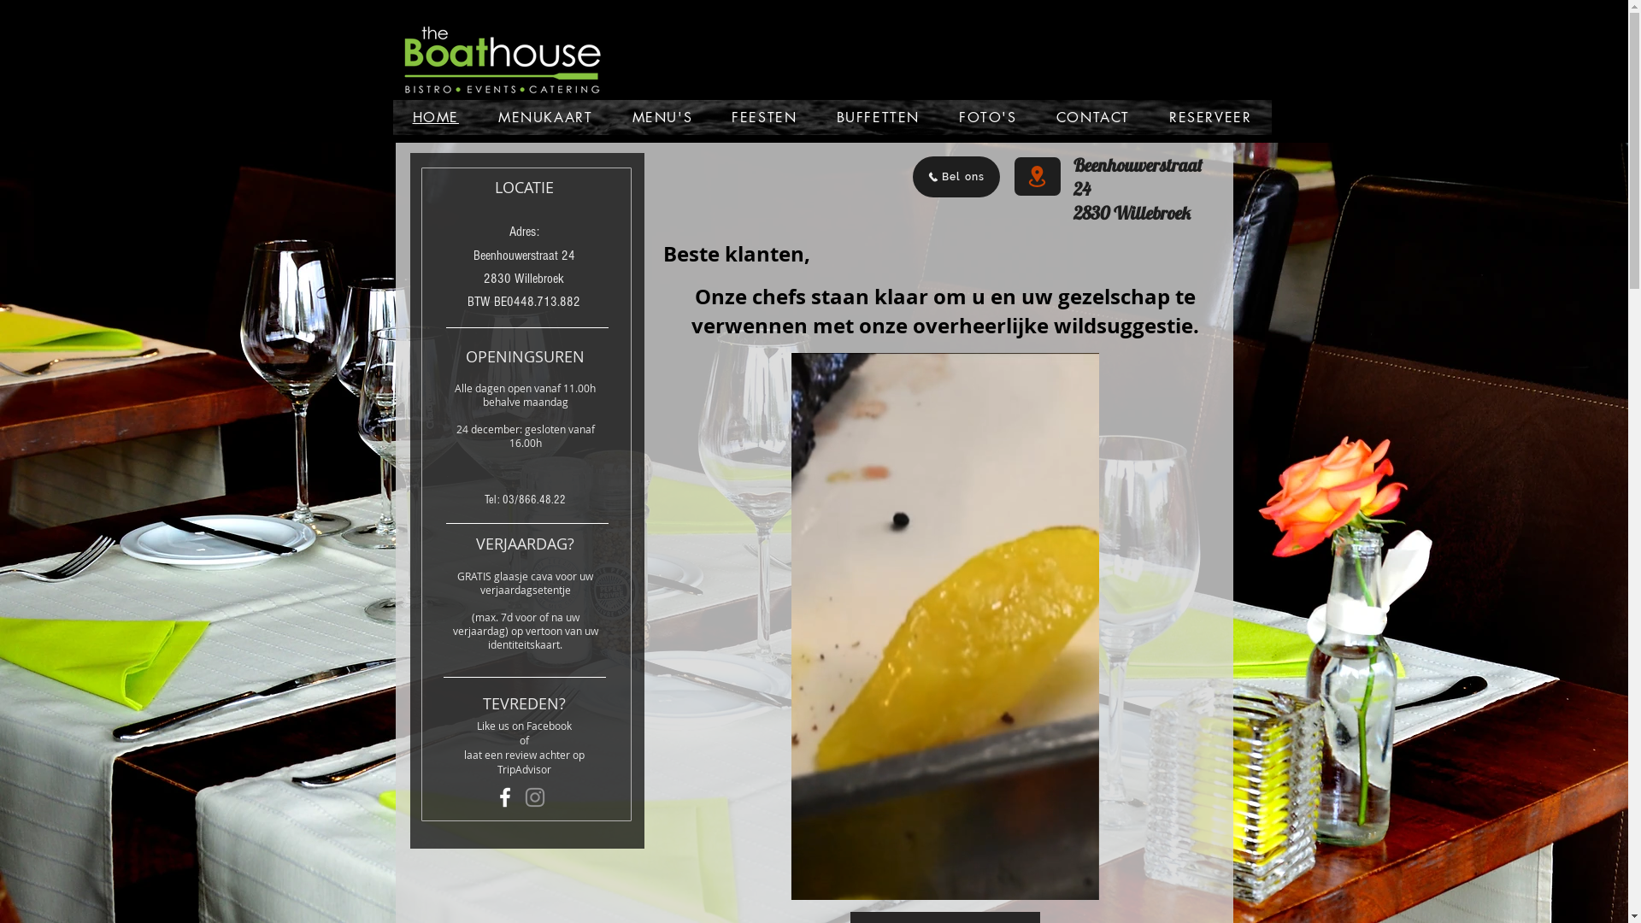 This screenshot has width=1641, height=923. What do you see at coordinates (479, 116) in the screenshot?
I see `'MENUKAART'` at bounding box center [479, 116].